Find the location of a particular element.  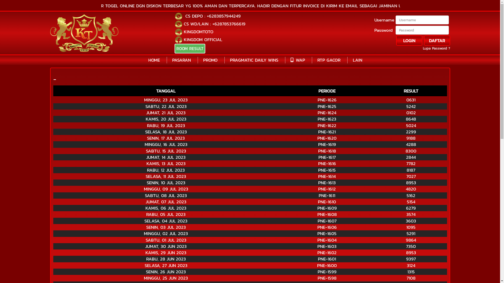

'PROMO' is located at coordinates (210, 59).